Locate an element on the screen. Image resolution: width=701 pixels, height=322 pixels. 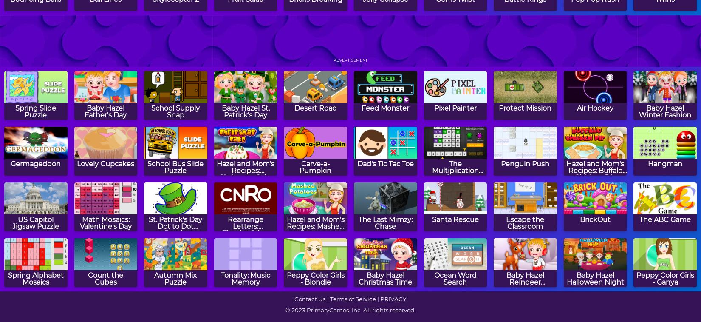
'Gems Swap' is located at coordinates (105, 54).